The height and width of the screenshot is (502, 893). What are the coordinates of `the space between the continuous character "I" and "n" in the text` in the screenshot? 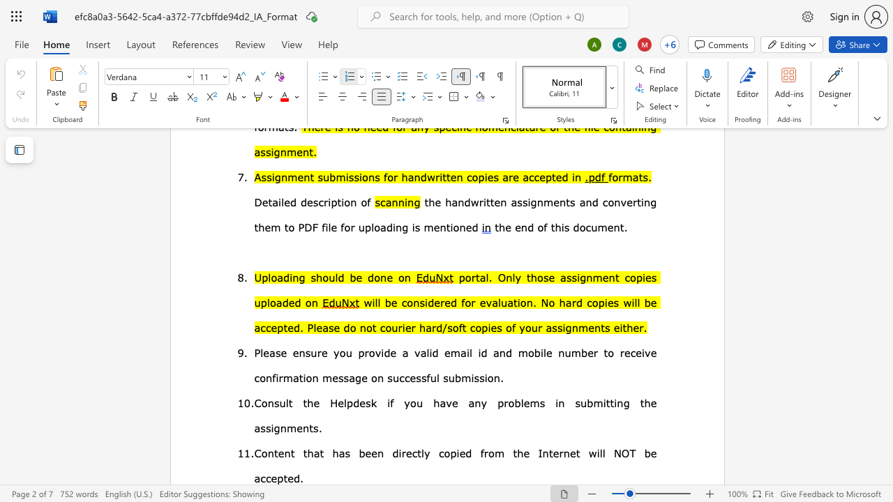 It's located at (542, 453).